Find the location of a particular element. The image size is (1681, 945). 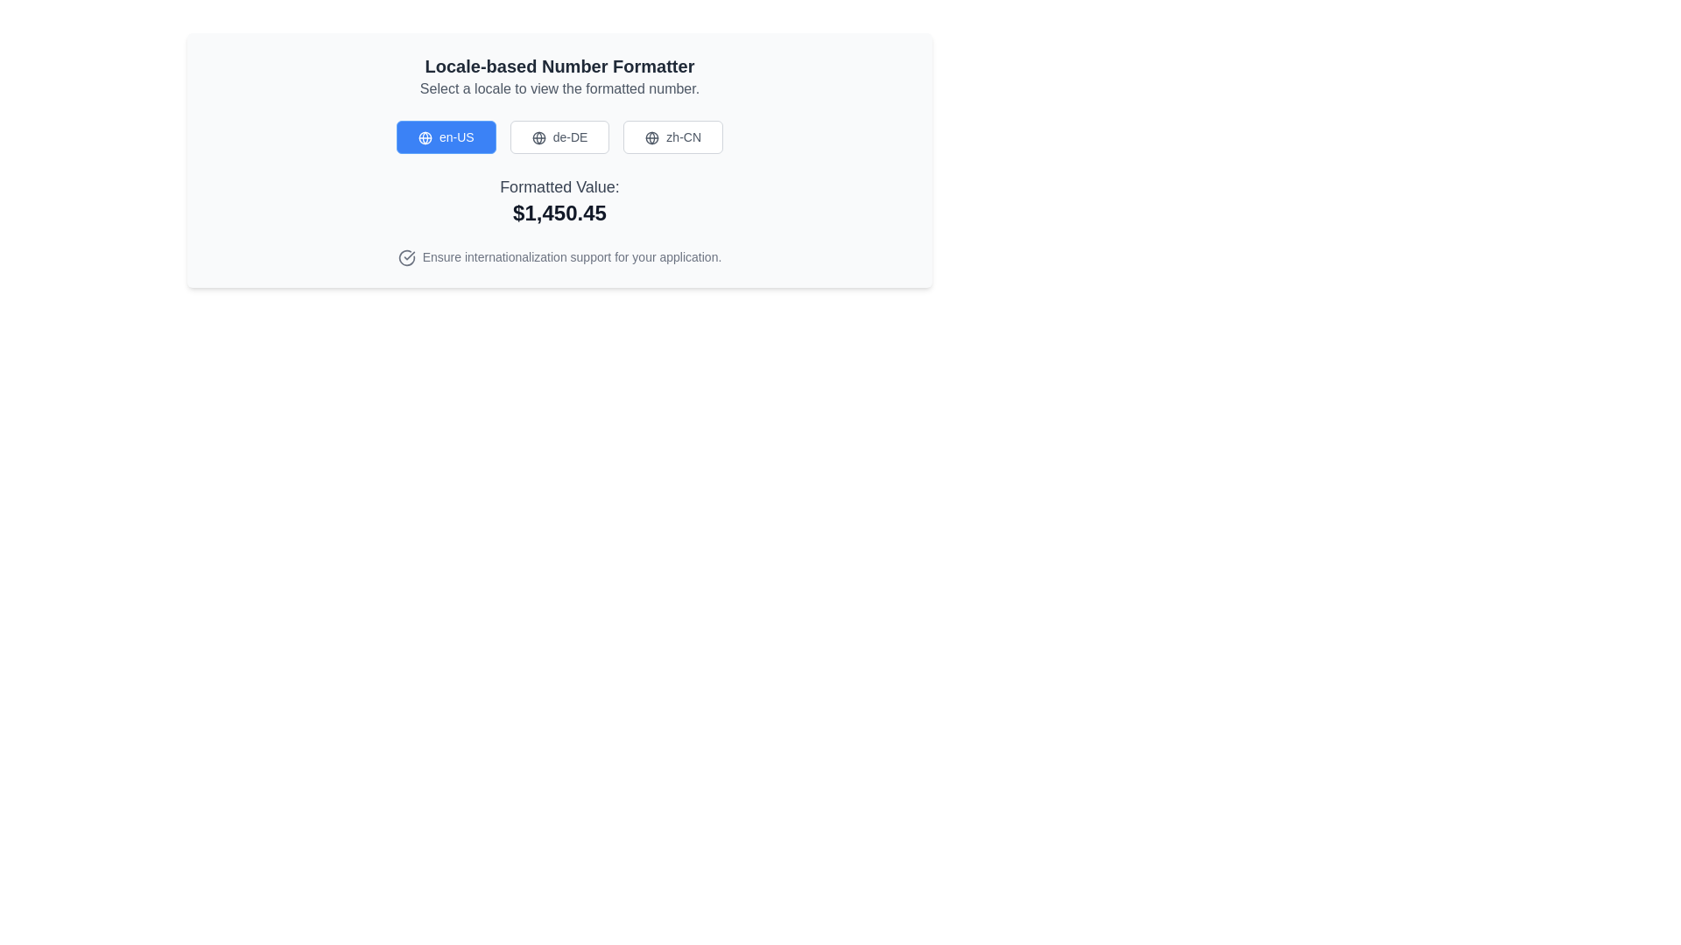

the blue button labeled 'en-US' with a globe icon on its left side is located at coordinates (446, 136).